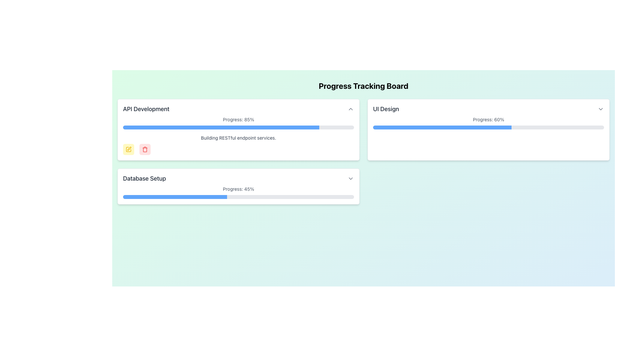 The image size is (630, 354). Describe the element at coordinates (129, 148) in the screenshot. I see `the 'Edit' icon within the 'API Development' card` at that location.